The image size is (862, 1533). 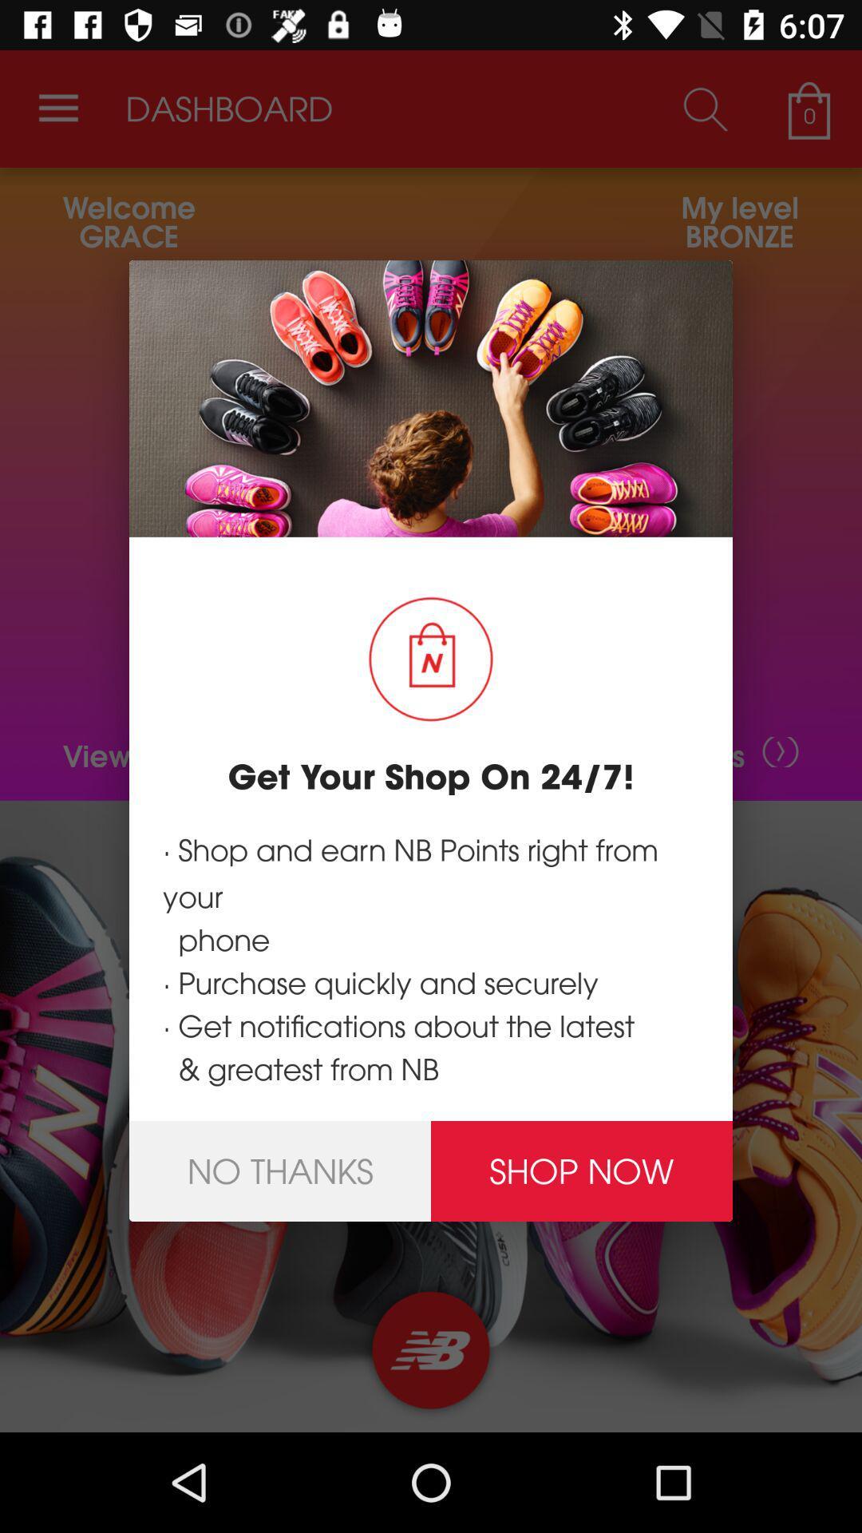 I want to click on item at the bottom left corner, so click(x=279, y=1171).